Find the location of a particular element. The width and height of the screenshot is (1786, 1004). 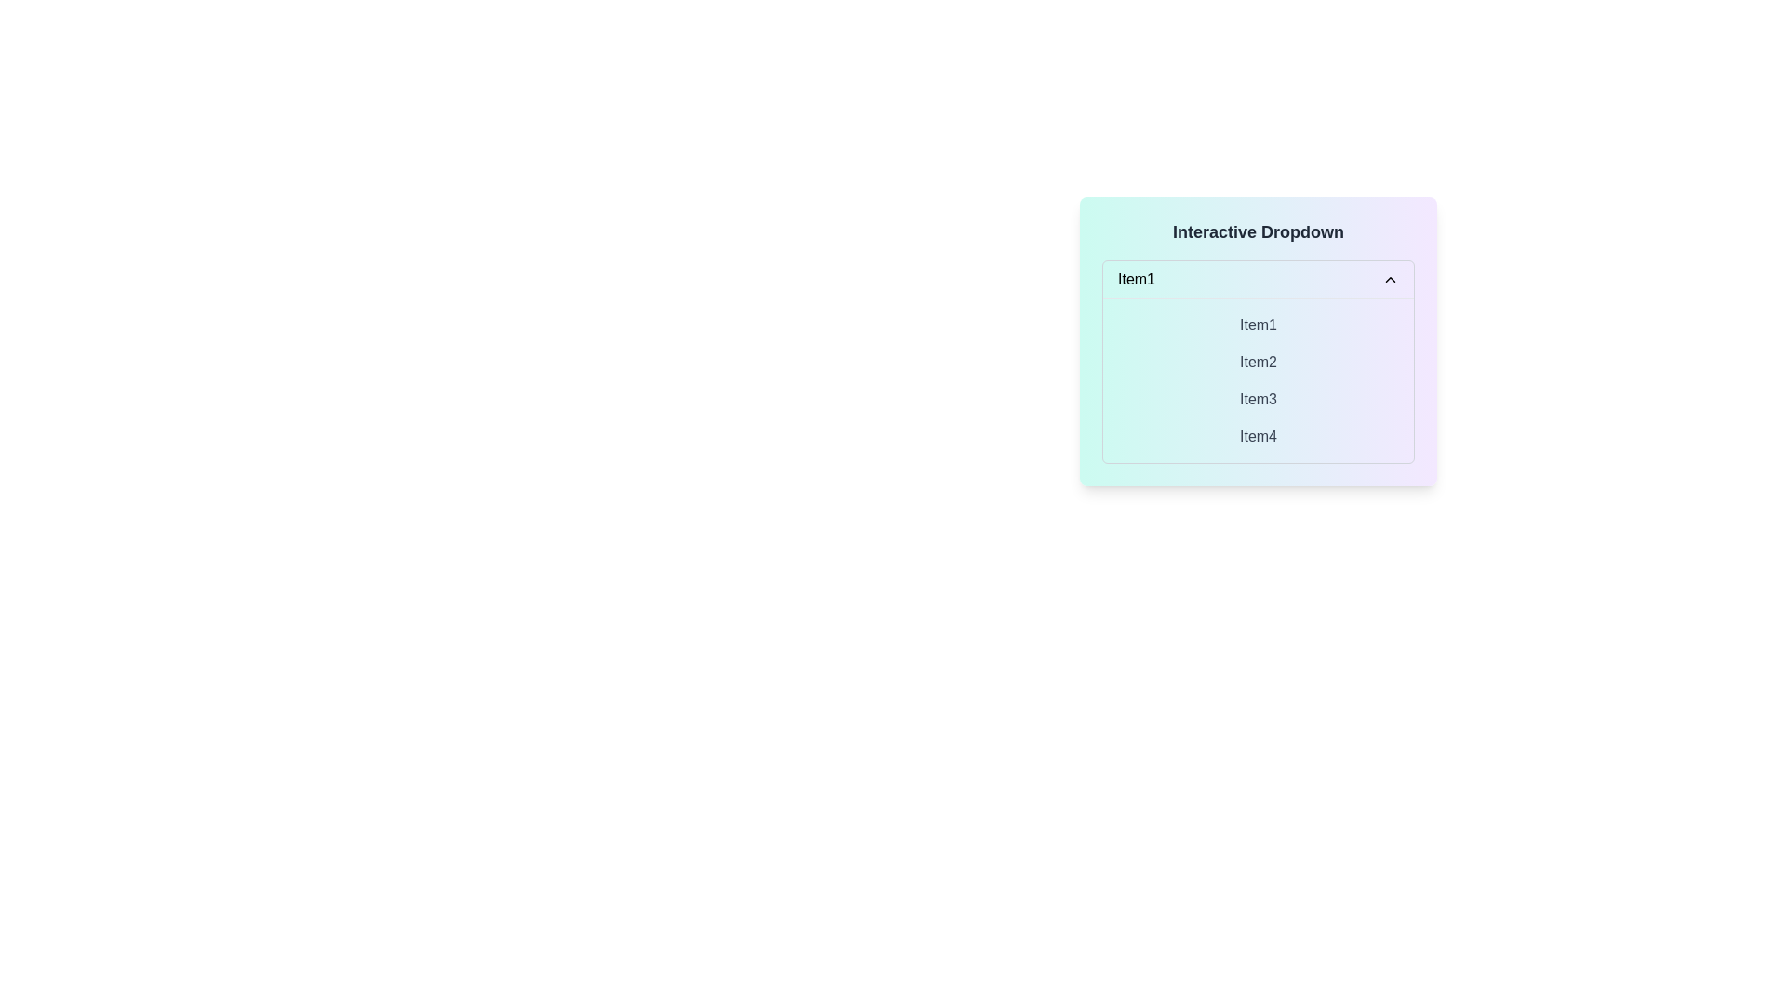

the Dropdown Selector displaying 'Item1' is located at coordinates (1259, 279).